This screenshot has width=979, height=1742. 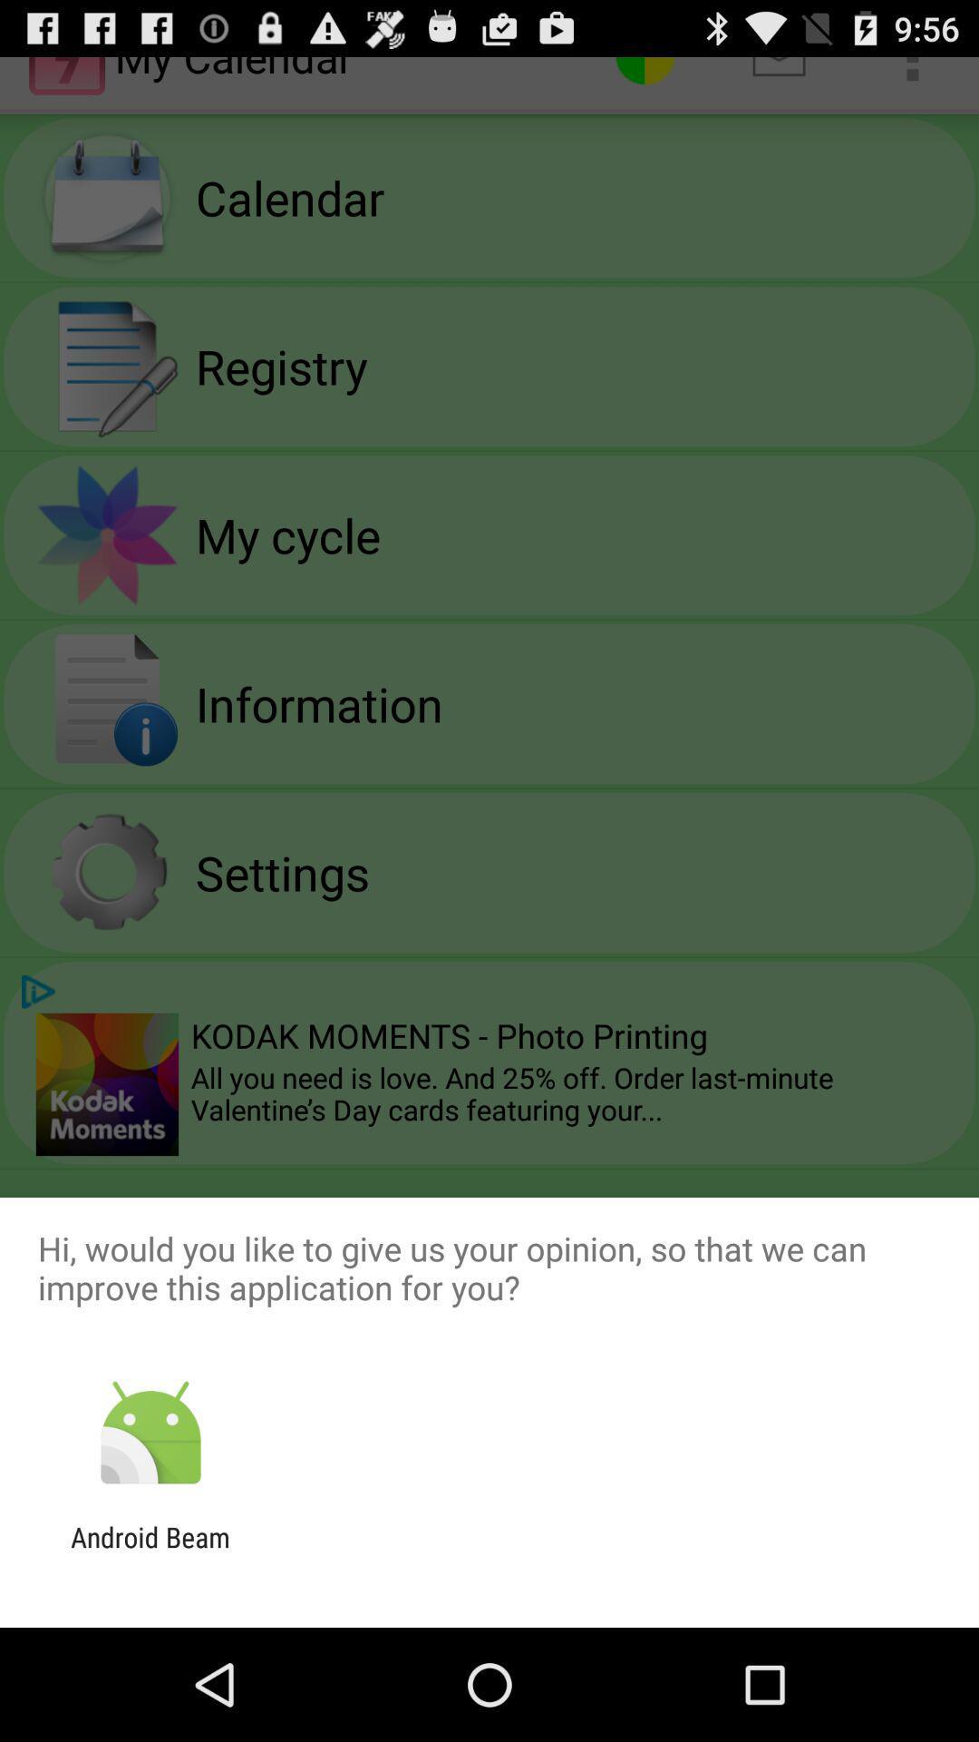 I want to click on the item above android beam item, so click(x=150, y=1433).